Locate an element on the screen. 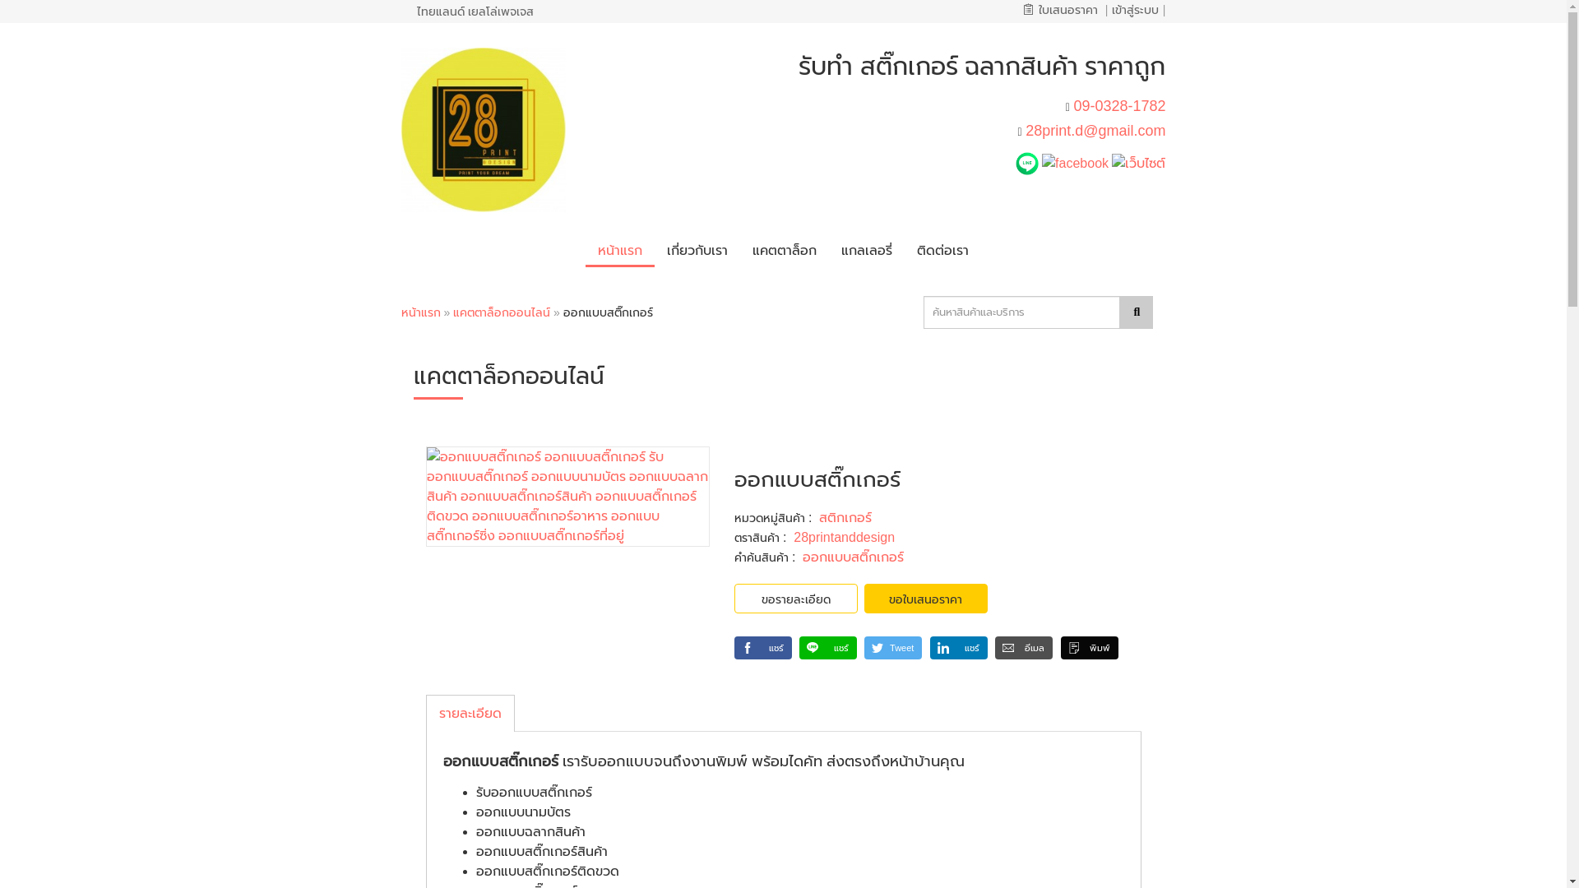 The height and width of the screenshot is (888, 1579). '28print.d@gmail.com' is located at coordinates (1025, 129).